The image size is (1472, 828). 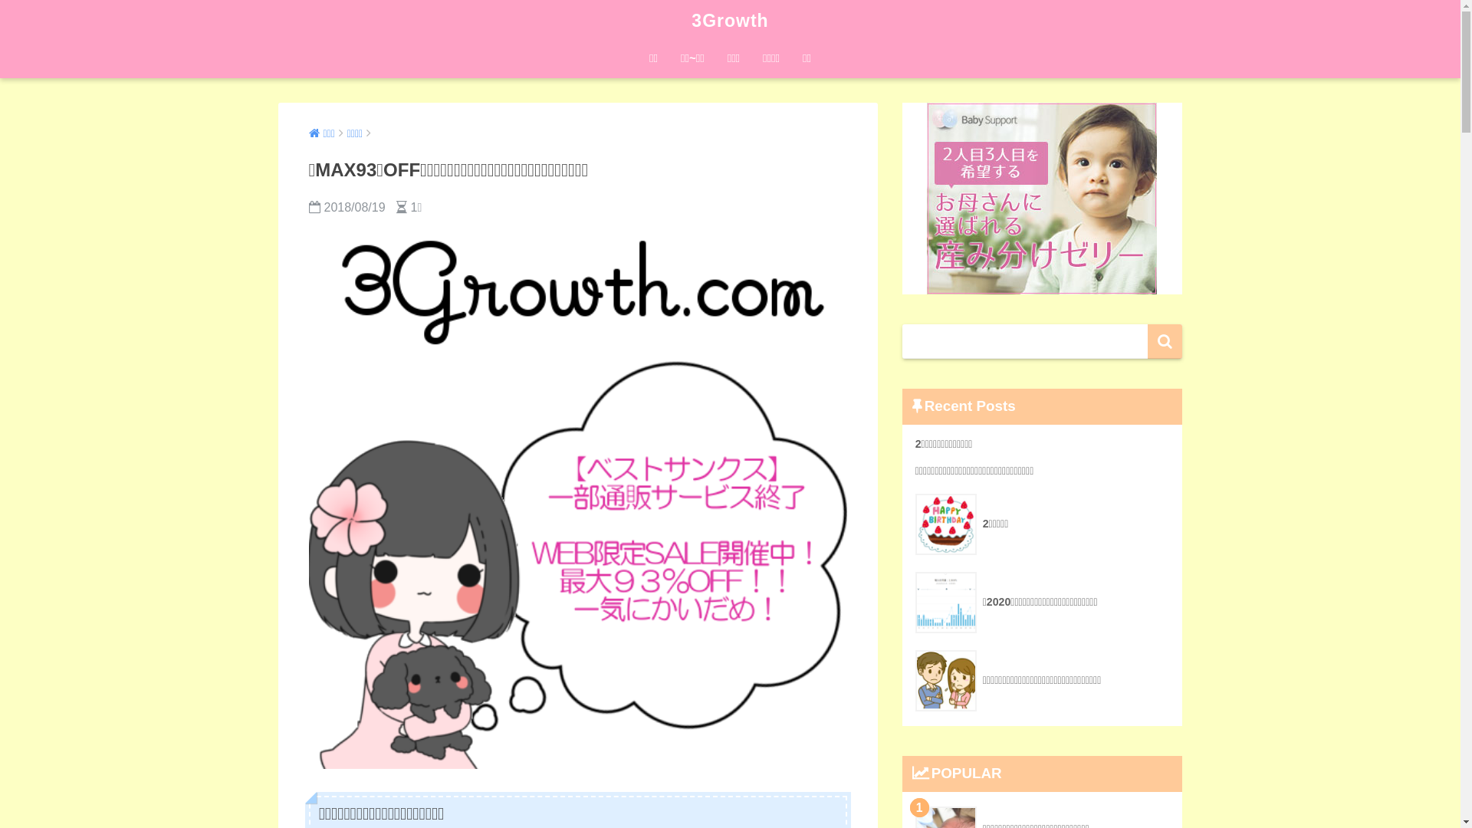 I want to click on '3Growth', so click(x=728, y=21).